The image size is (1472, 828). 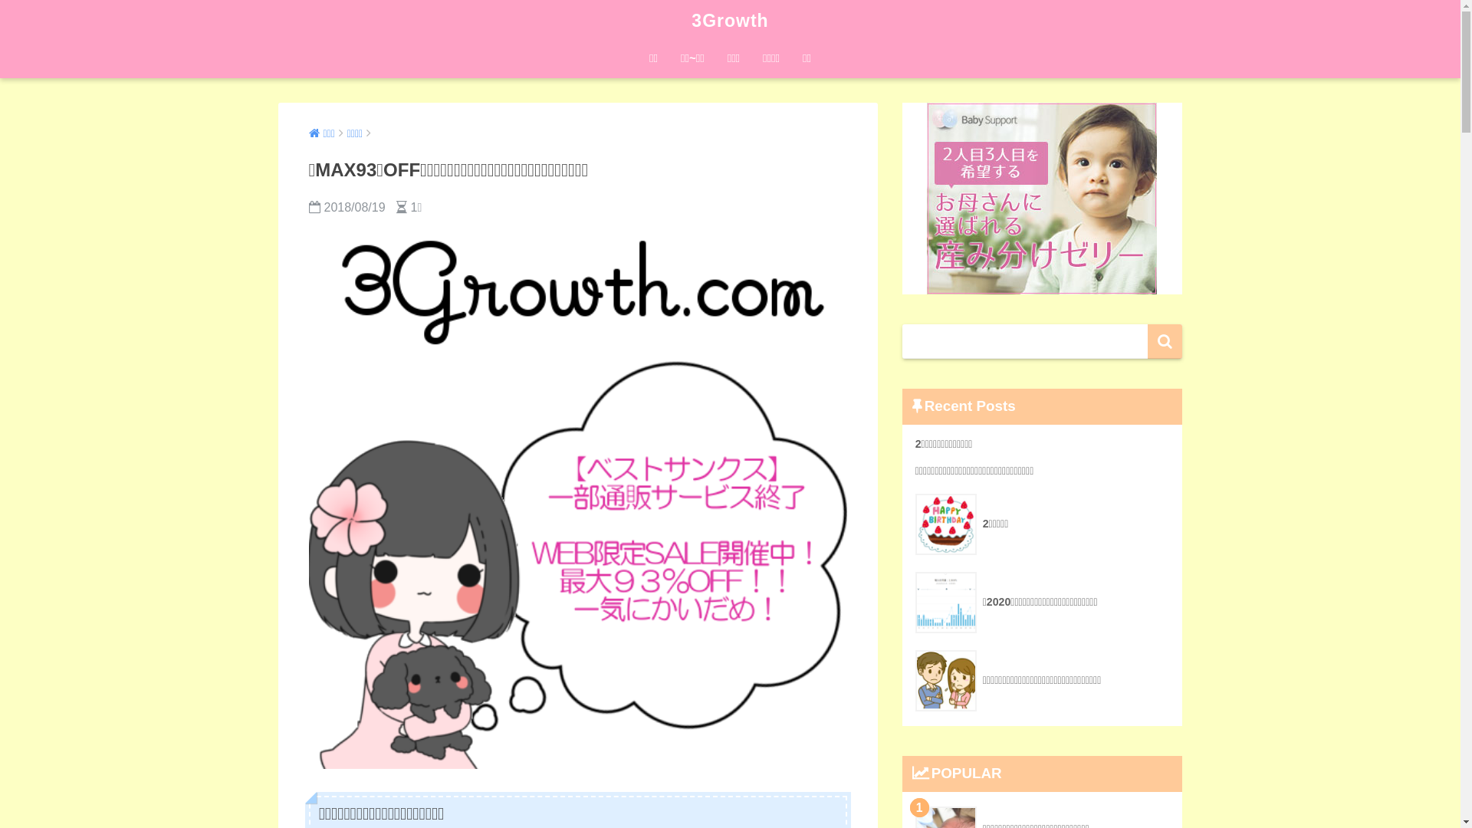 I want to click on '3Growth', so click(x=728, y=21).